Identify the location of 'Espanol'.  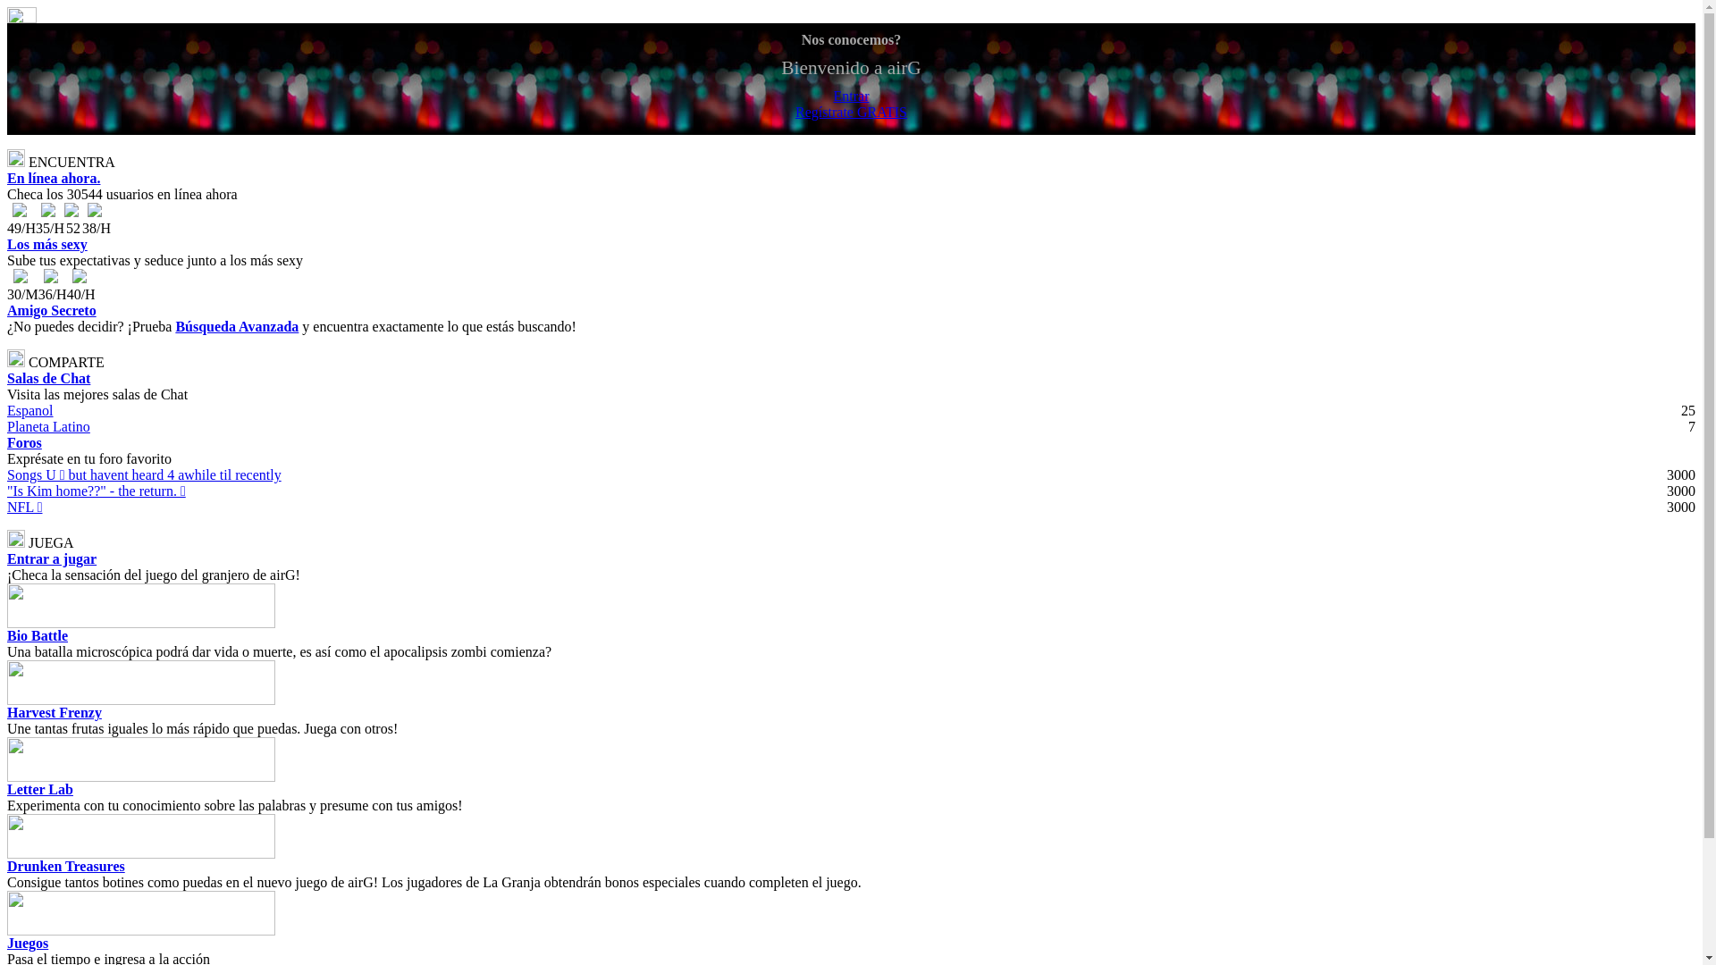
(29, 410).